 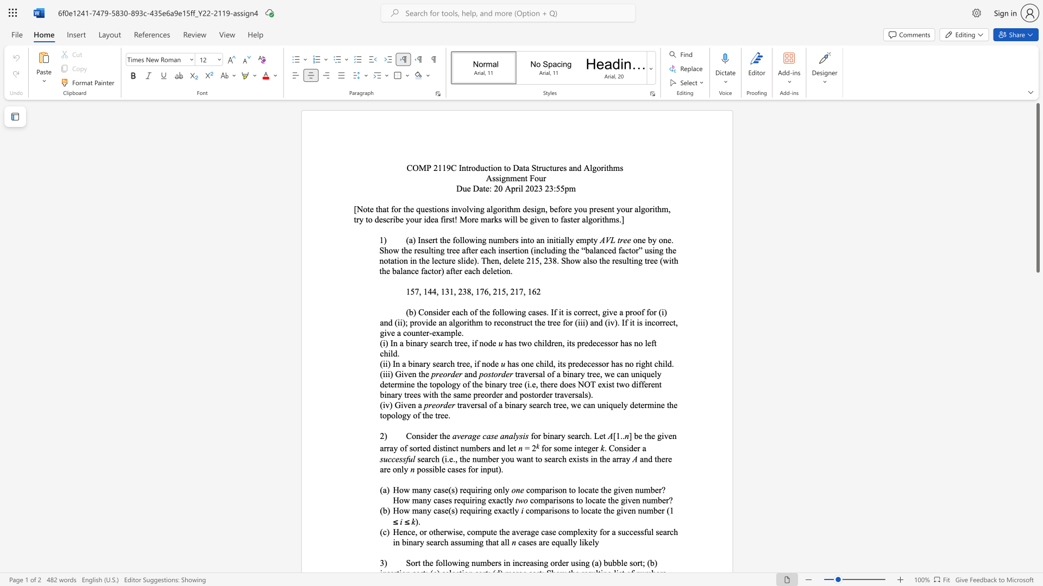 What do you see at coordinates (406, 415) in the screenshot?
I see `the subset text "y of the tree" within the text "traversal of a binary search tree, we can uniquely determine the topology of the tree."` at bounding box center [406, 415].